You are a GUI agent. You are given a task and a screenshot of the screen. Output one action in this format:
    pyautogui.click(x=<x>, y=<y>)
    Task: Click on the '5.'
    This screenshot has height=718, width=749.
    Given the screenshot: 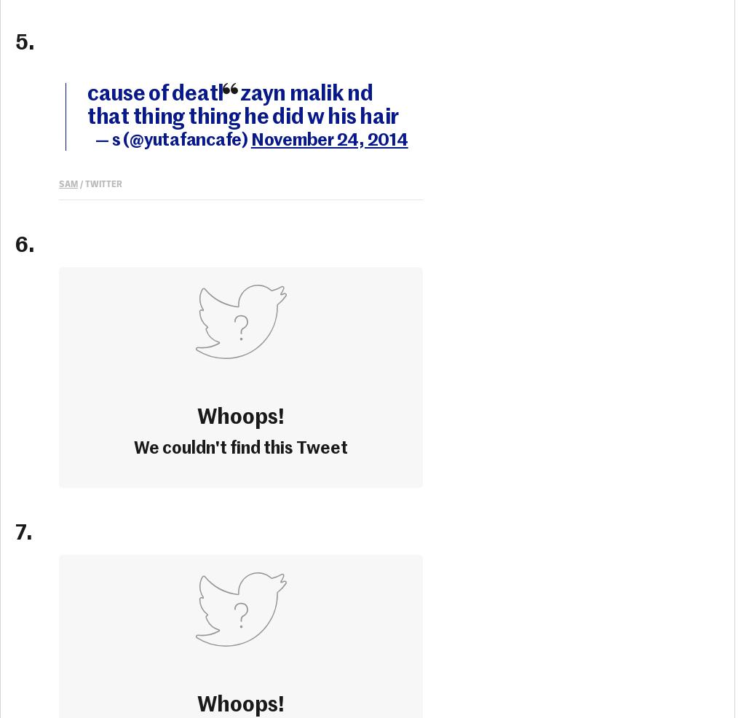 What is the action you would take?
    pyautogui.click(x=25, y=43)
    